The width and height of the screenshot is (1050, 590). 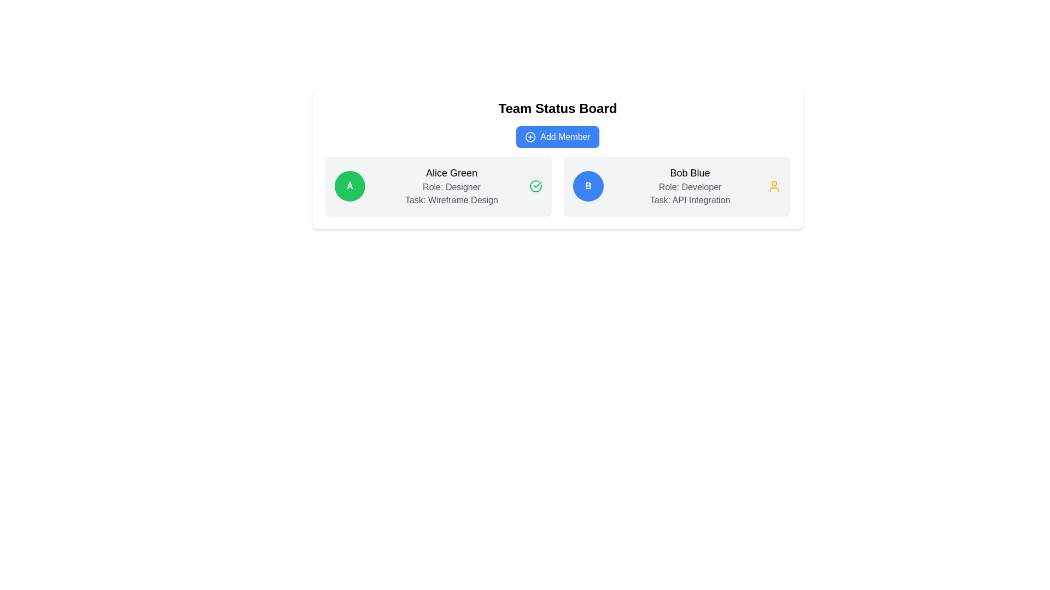 What do you see at coordinates (676, 185) in the screenshot?
I see `the Profile card displaying information about a team member, located on the right-hand side of the 'Team Status Board', which is the second card` at bounding box center [676, 185].